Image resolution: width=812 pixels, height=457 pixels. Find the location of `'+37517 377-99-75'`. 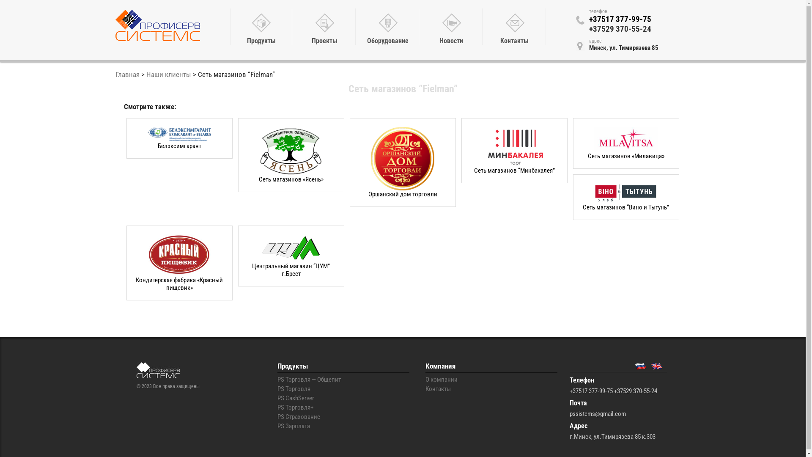

'+37517 377-99-75' is located at coordinates (588, 19).